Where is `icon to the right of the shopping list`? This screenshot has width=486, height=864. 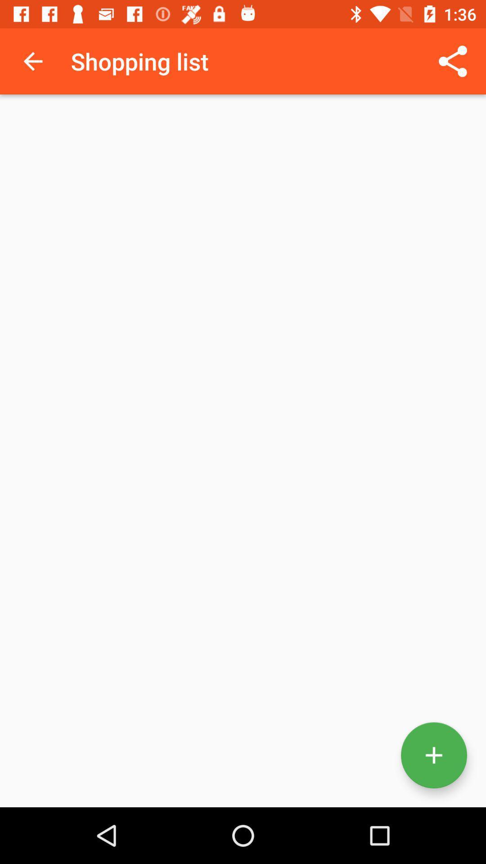 icon to the right of the shopping list is located at coordinates (453, 61).